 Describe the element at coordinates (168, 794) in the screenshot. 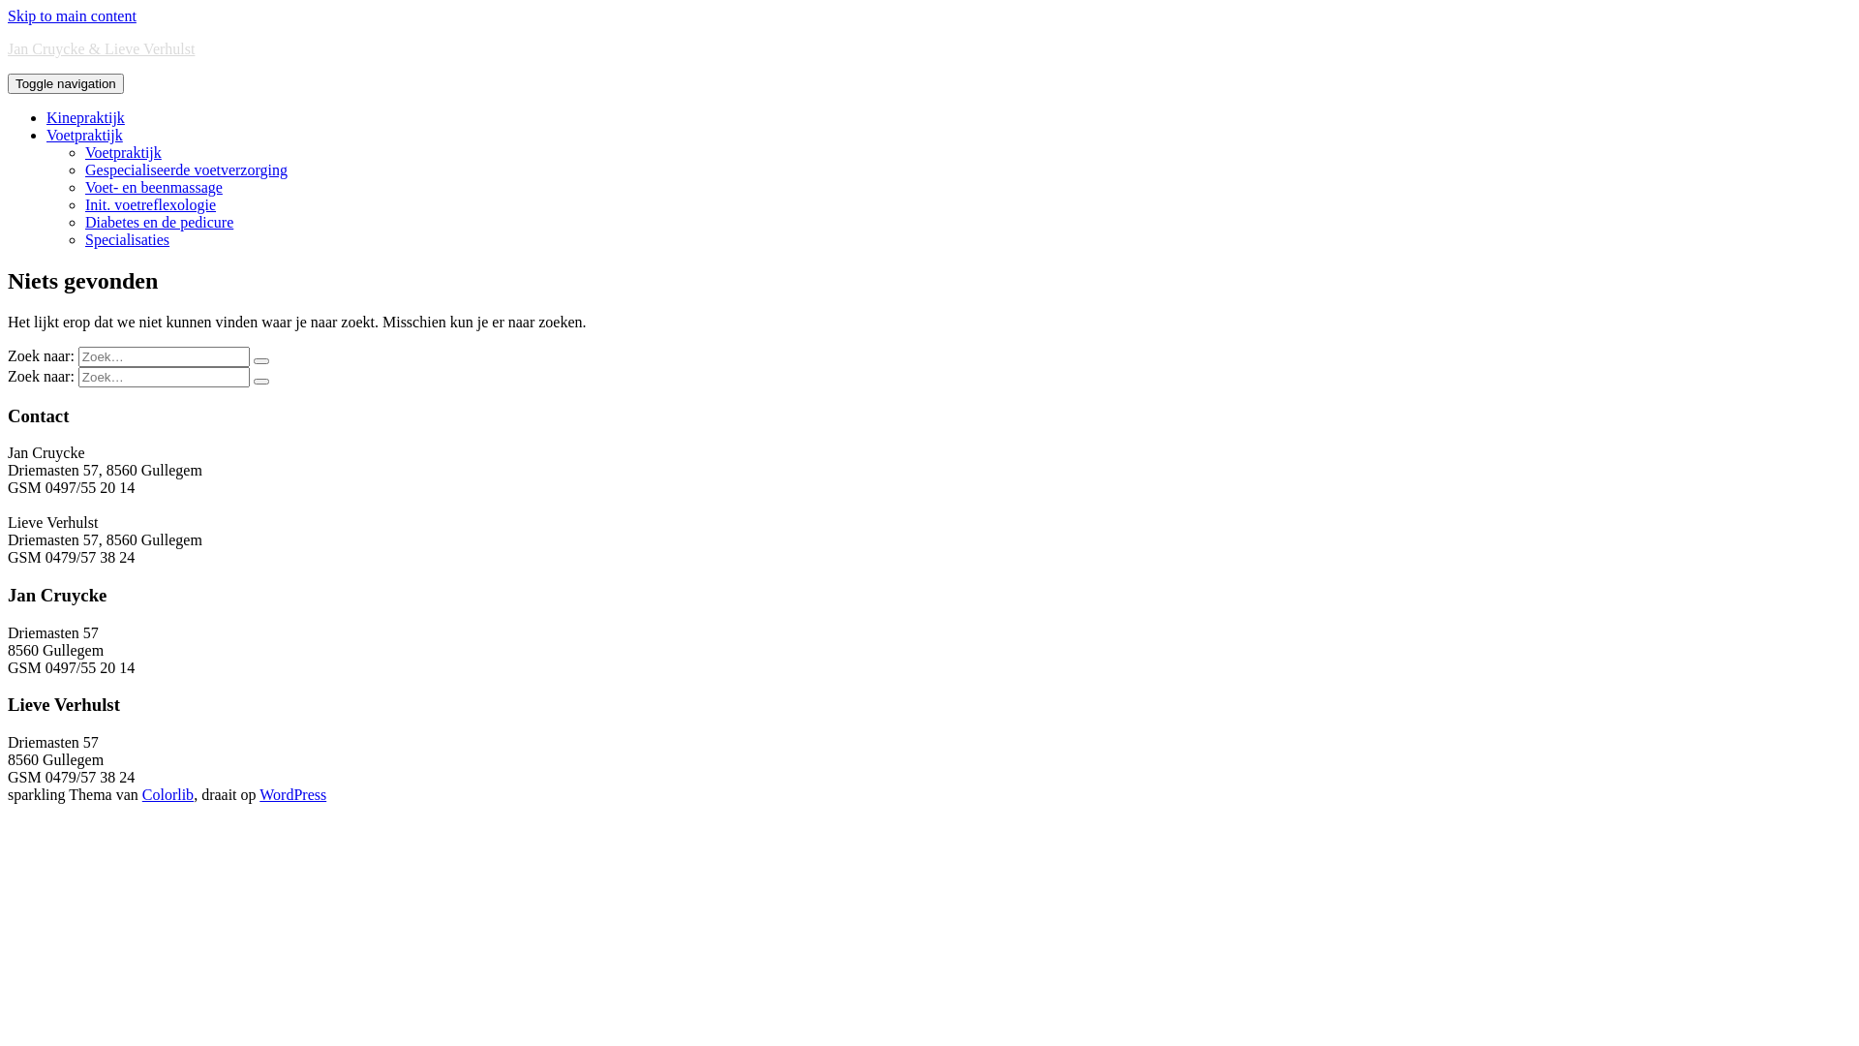

I see `'Colorlib'` at that location.